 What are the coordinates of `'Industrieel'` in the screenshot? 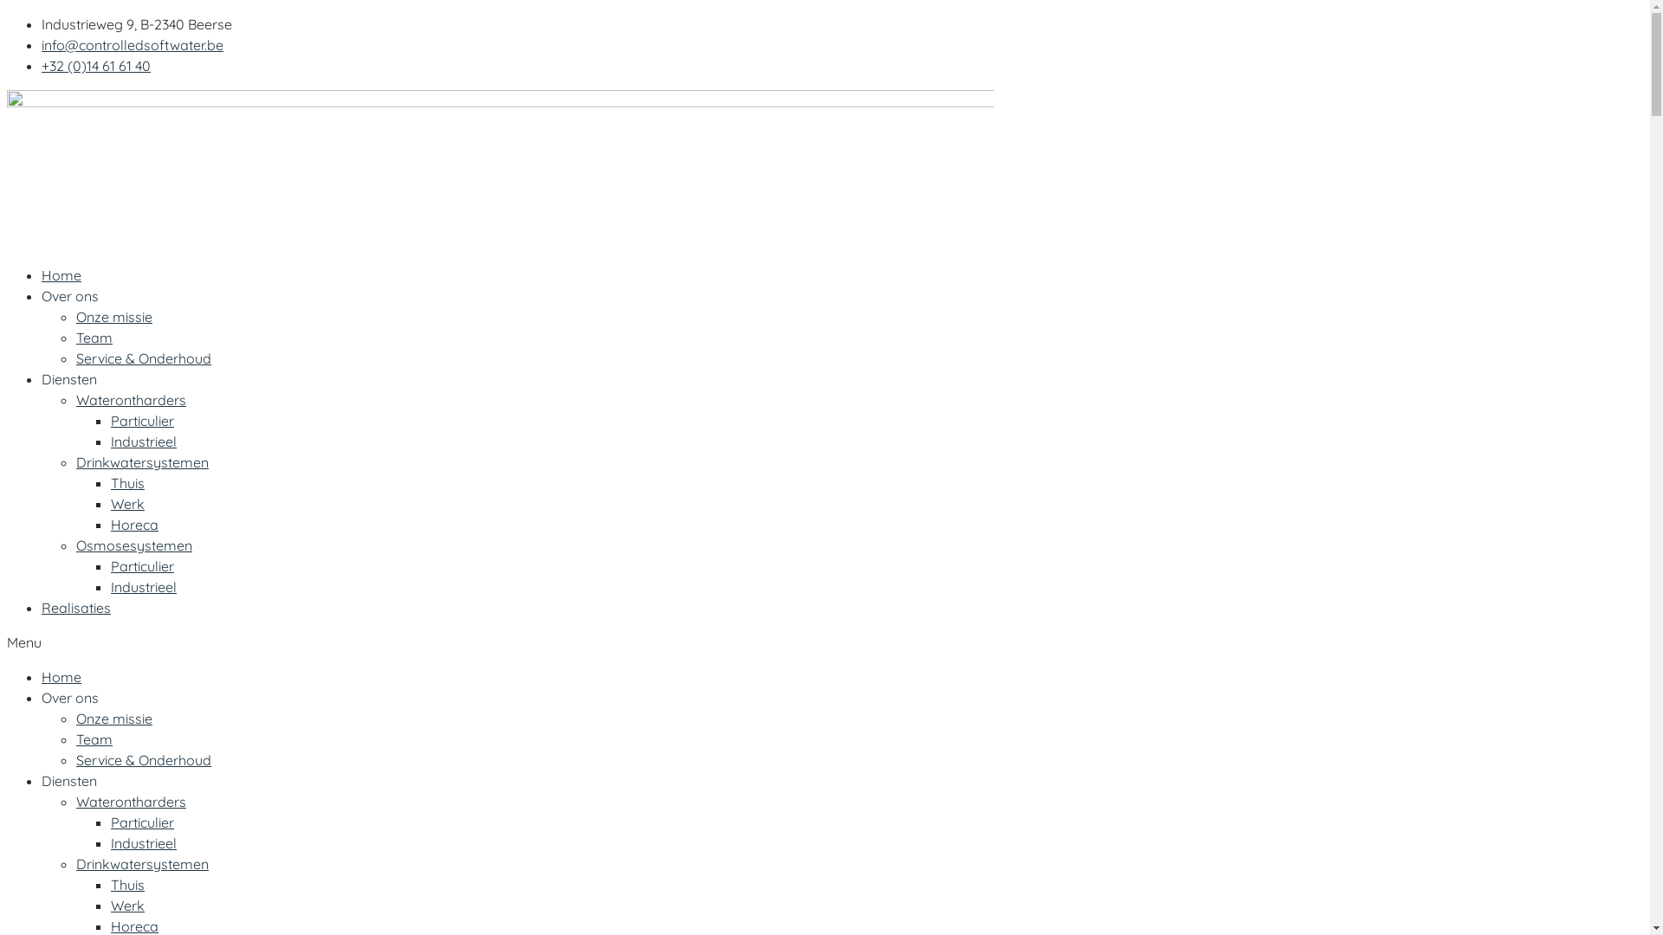 It's located at (144, 440).